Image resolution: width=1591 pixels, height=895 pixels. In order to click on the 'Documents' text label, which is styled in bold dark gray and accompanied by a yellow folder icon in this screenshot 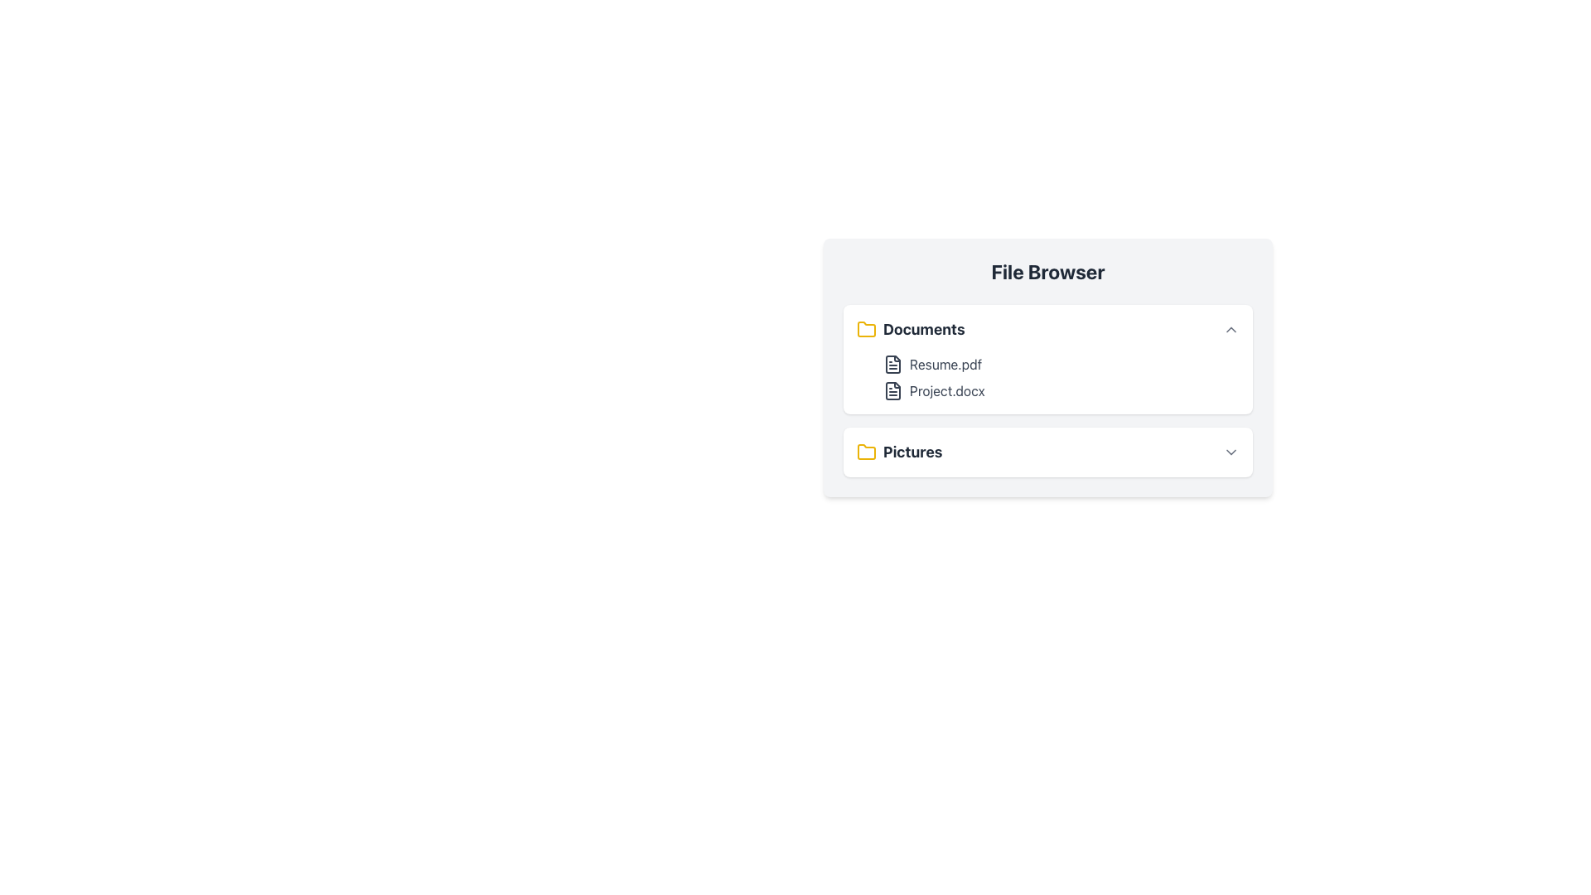, I will do `click(910, 329)`.